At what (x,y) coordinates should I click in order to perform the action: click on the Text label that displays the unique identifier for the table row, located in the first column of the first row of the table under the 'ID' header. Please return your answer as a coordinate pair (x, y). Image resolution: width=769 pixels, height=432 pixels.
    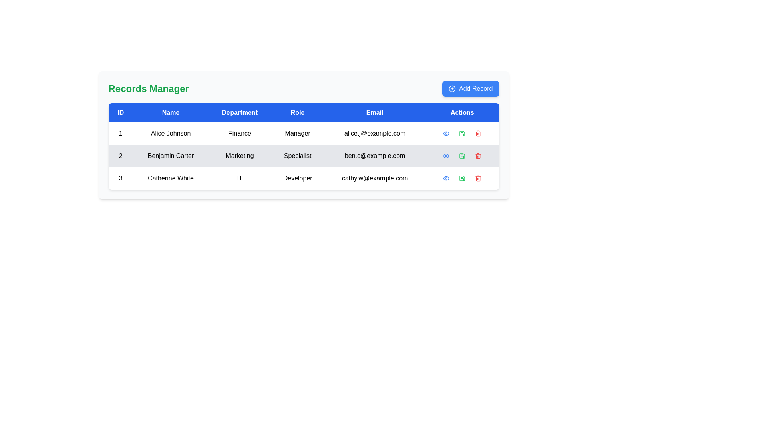
    Looking at the image, I should click on (120, 133).